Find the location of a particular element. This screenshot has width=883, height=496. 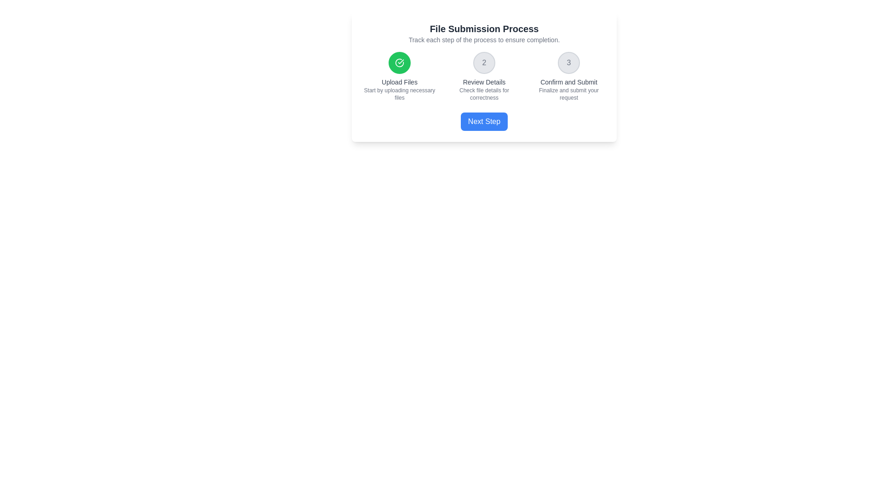

the 'Next Step' button with a blue background and white text located in the 'File Submission Process' section to change its background color is located at coordinates (483, 121).